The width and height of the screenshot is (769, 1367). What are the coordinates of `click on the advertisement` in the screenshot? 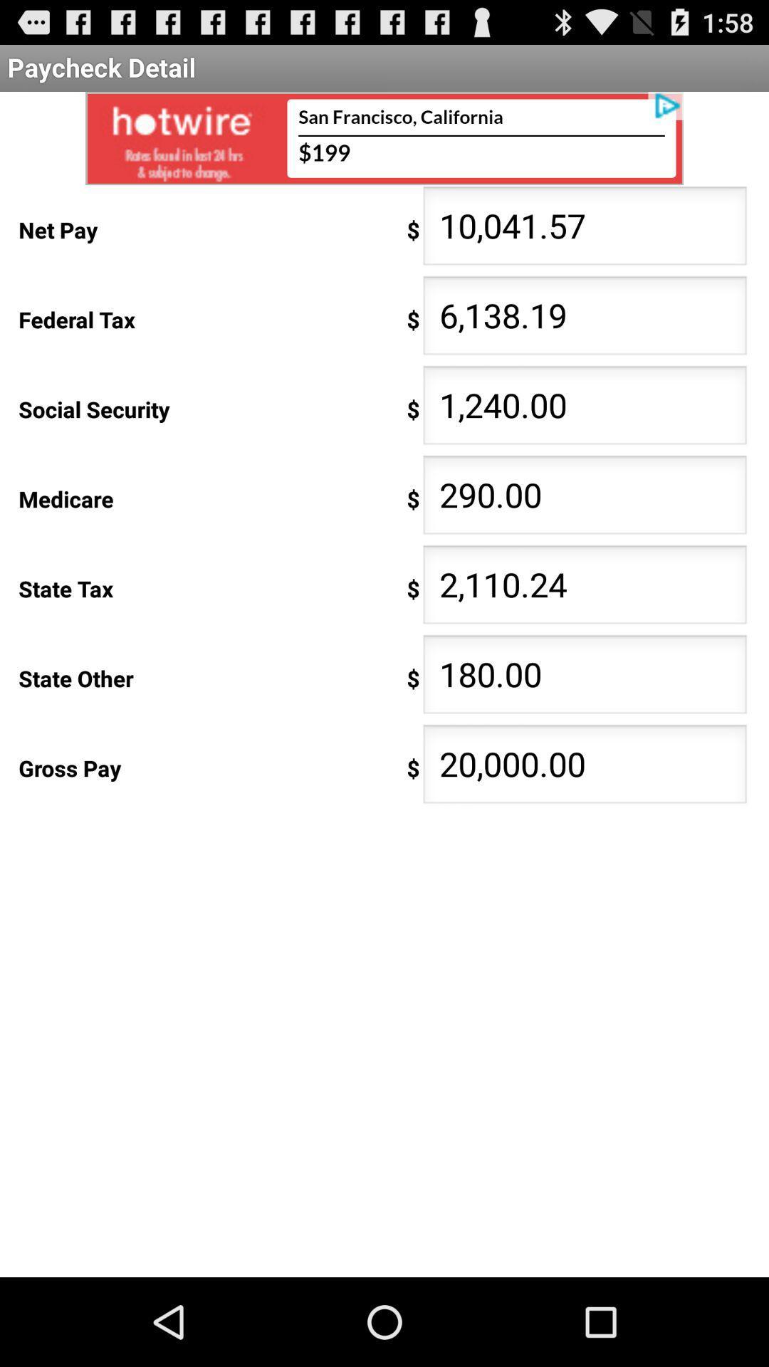 It's located at (384, 138).